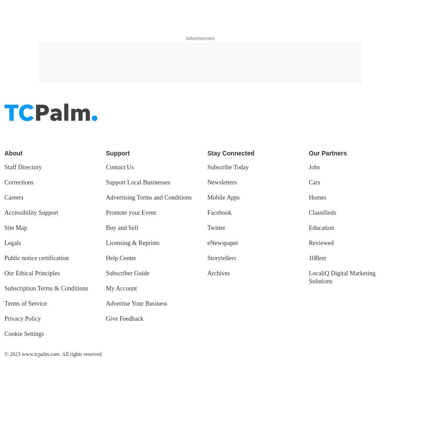  Describe the element at coordinates (342, 27) in the screenshot. I see `'LocaliQ Digital Marketing Solutions'` at that location.